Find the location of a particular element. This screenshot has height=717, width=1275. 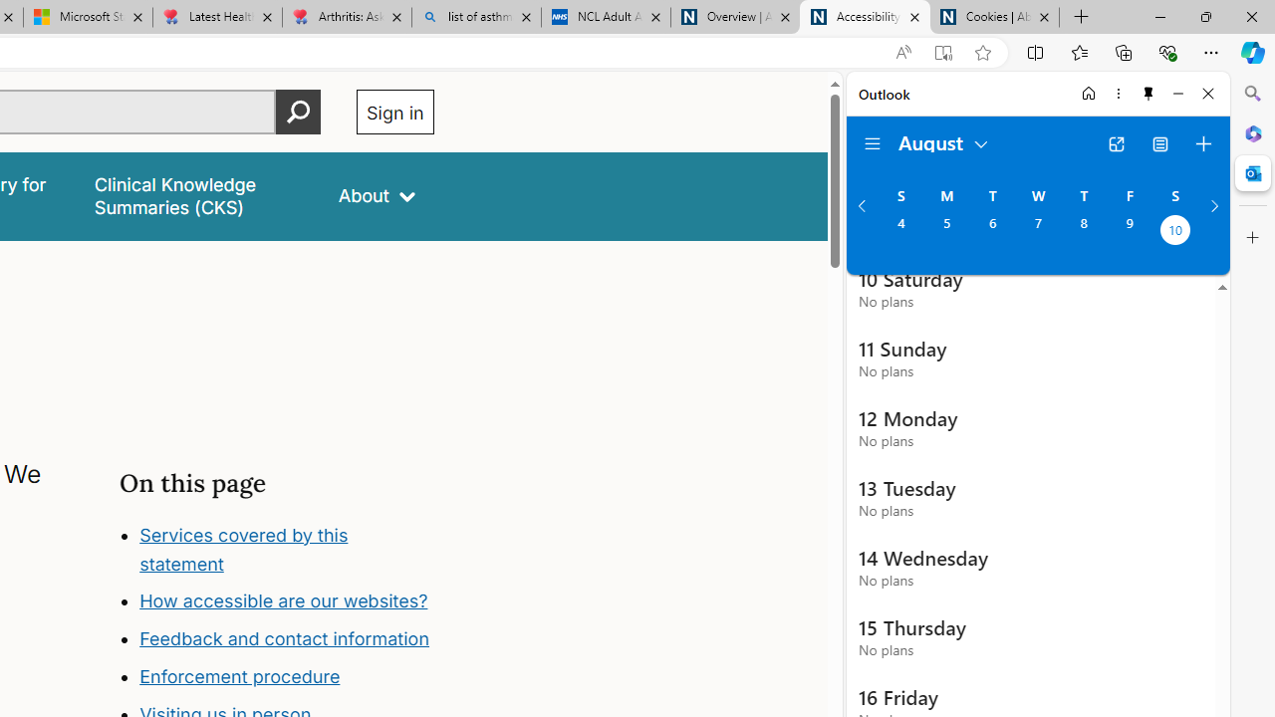

'Create event' is located at coordinates (1202, 143).